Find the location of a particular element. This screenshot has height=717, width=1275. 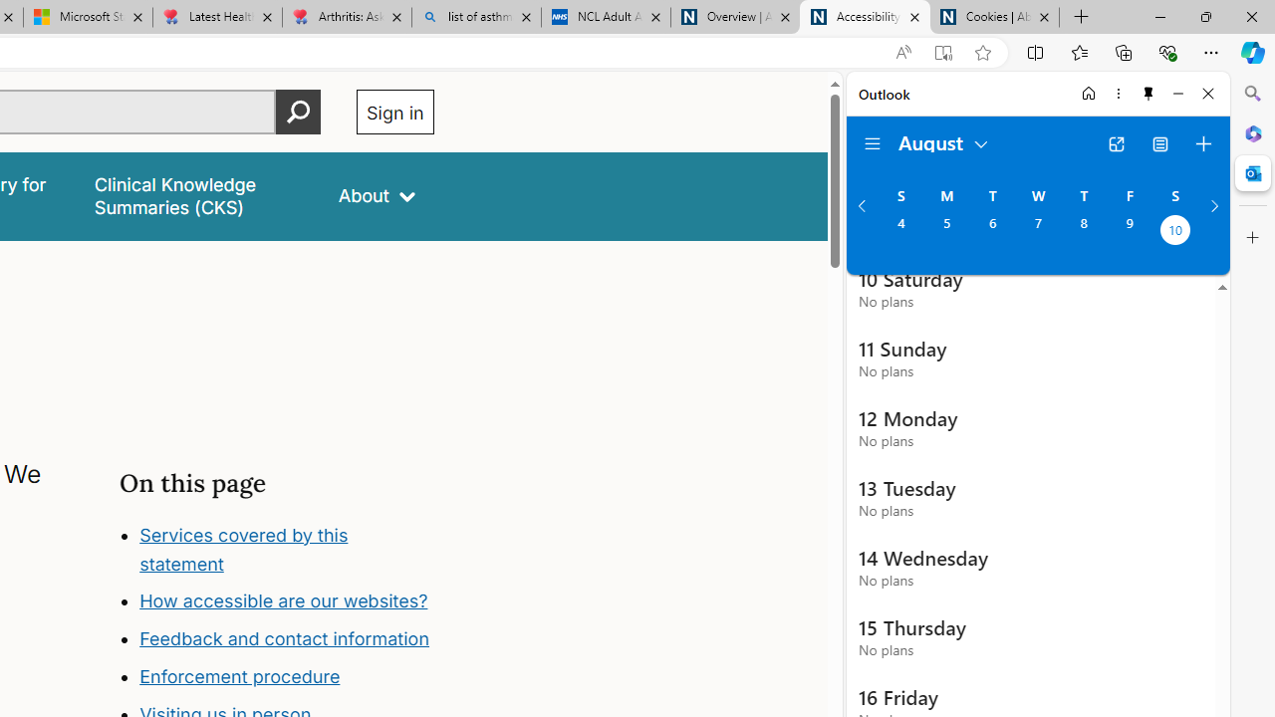

'Create event' is located at coordinates (1202, 143).